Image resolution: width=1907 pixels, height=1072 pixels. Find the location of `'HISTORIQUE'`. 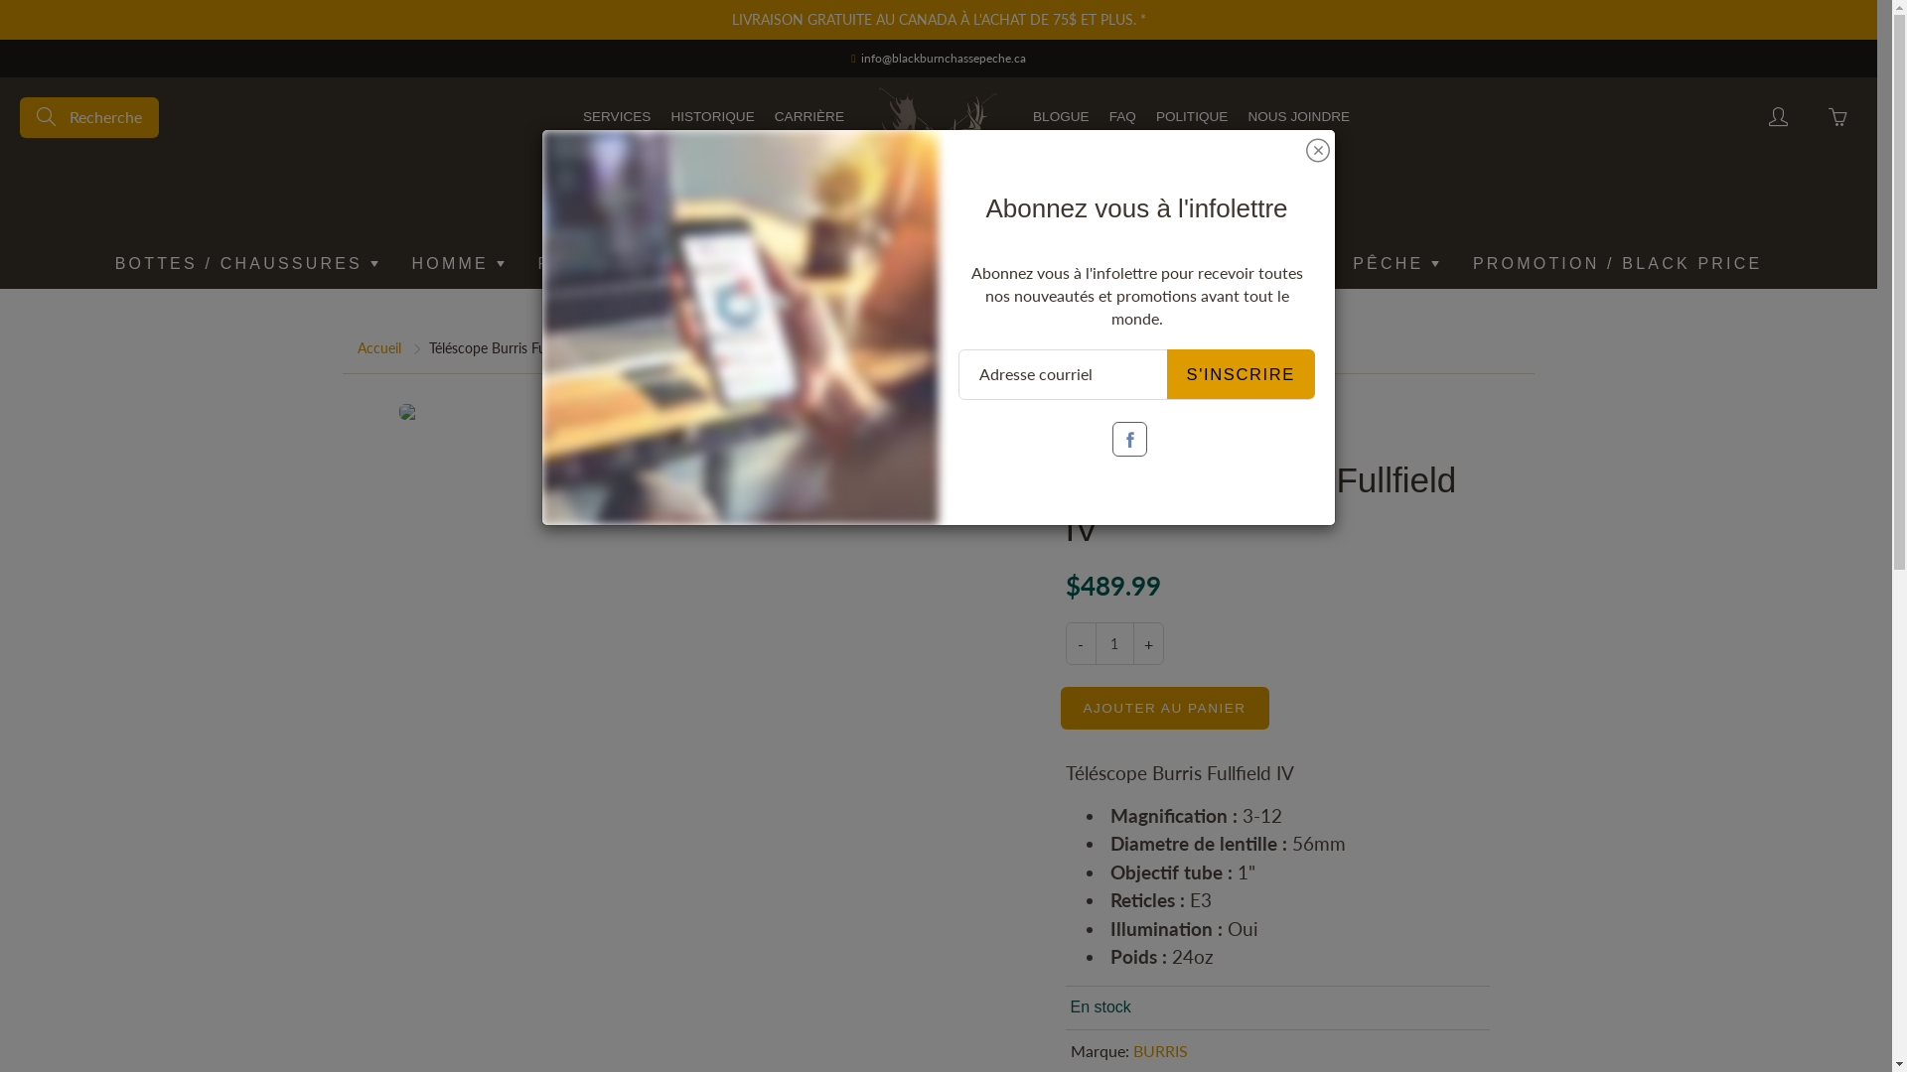

'HISTORIQUE' is located at coordinates (711, 117).